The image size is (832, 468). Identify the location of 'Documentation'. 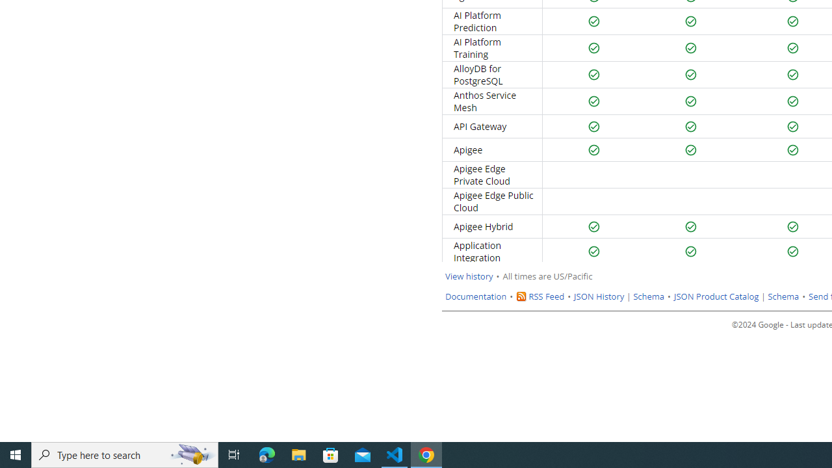
(475, 296).